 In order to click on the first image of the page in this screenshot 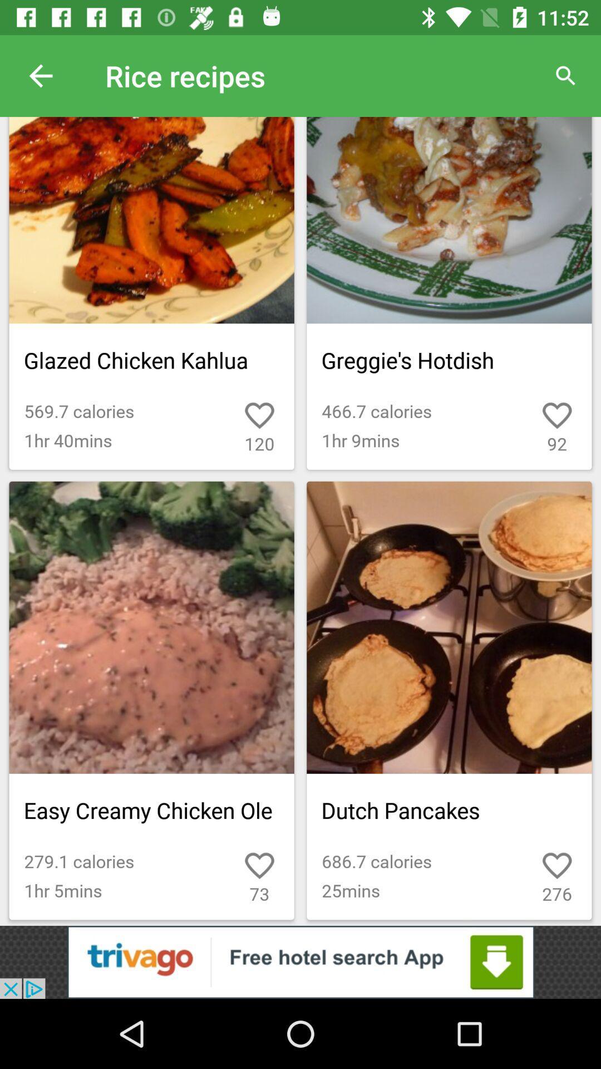, I will do `click(152, 293)`.